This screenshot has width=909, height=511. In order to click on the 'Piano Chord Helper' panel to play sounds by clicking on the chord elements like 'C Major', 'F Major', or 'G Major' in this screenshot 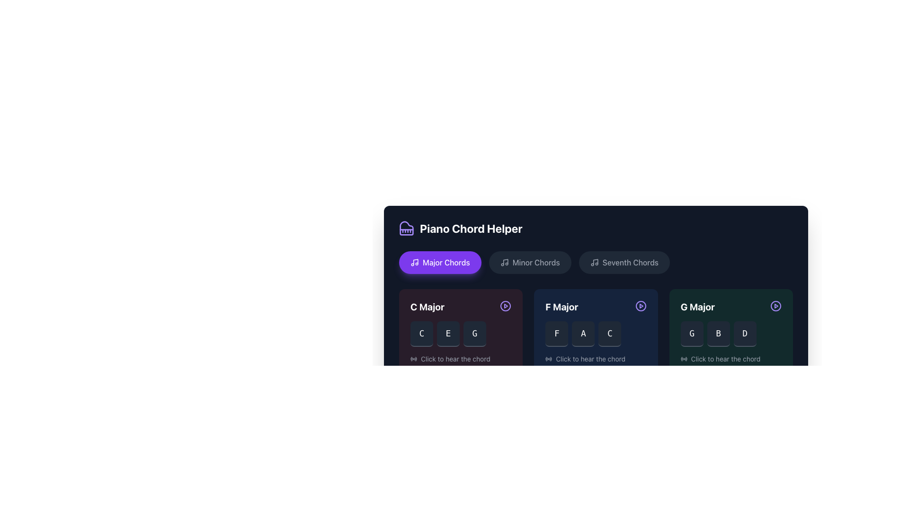, I will do `click(595, 319)`.